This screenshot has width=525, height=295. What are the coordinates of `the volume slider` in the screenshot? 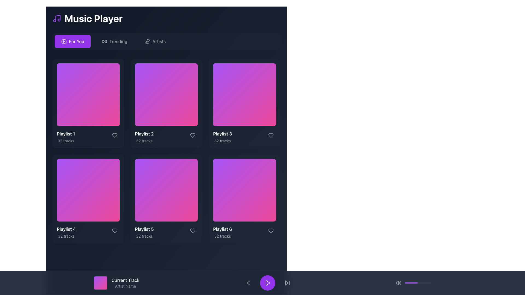 It's located at (429, 283).